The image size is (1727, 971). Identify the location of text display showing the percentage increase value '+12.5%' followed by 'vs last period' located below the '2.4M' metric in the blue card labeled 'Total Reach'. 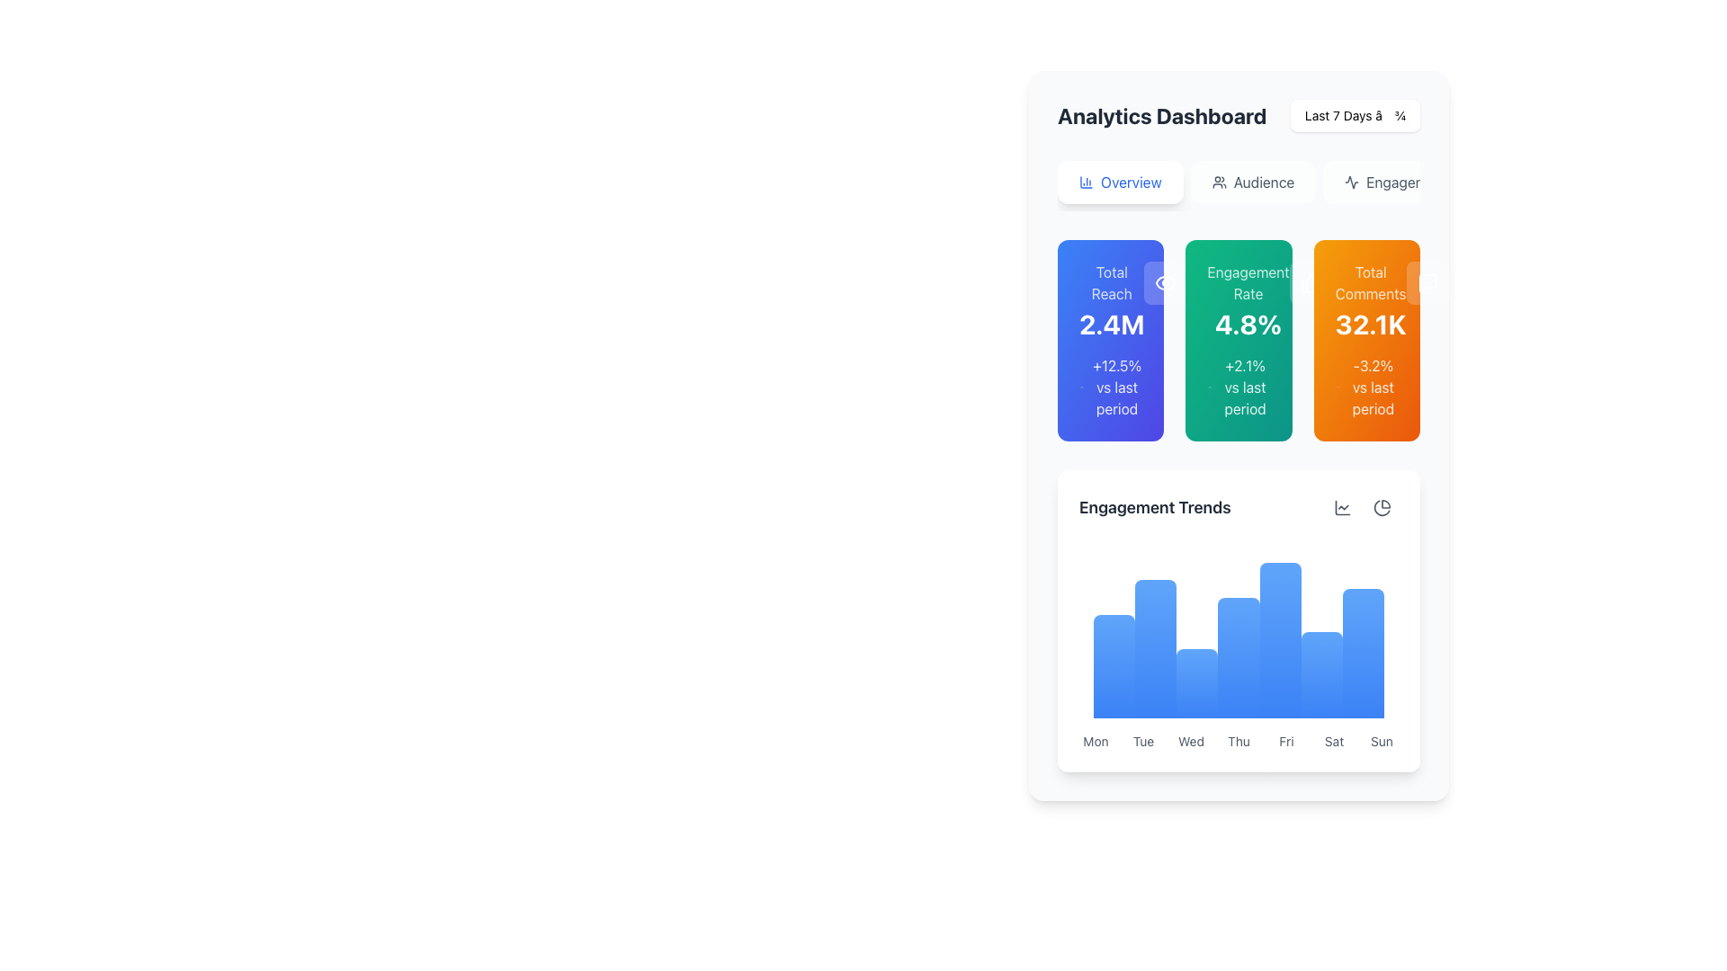
(1110, 387).